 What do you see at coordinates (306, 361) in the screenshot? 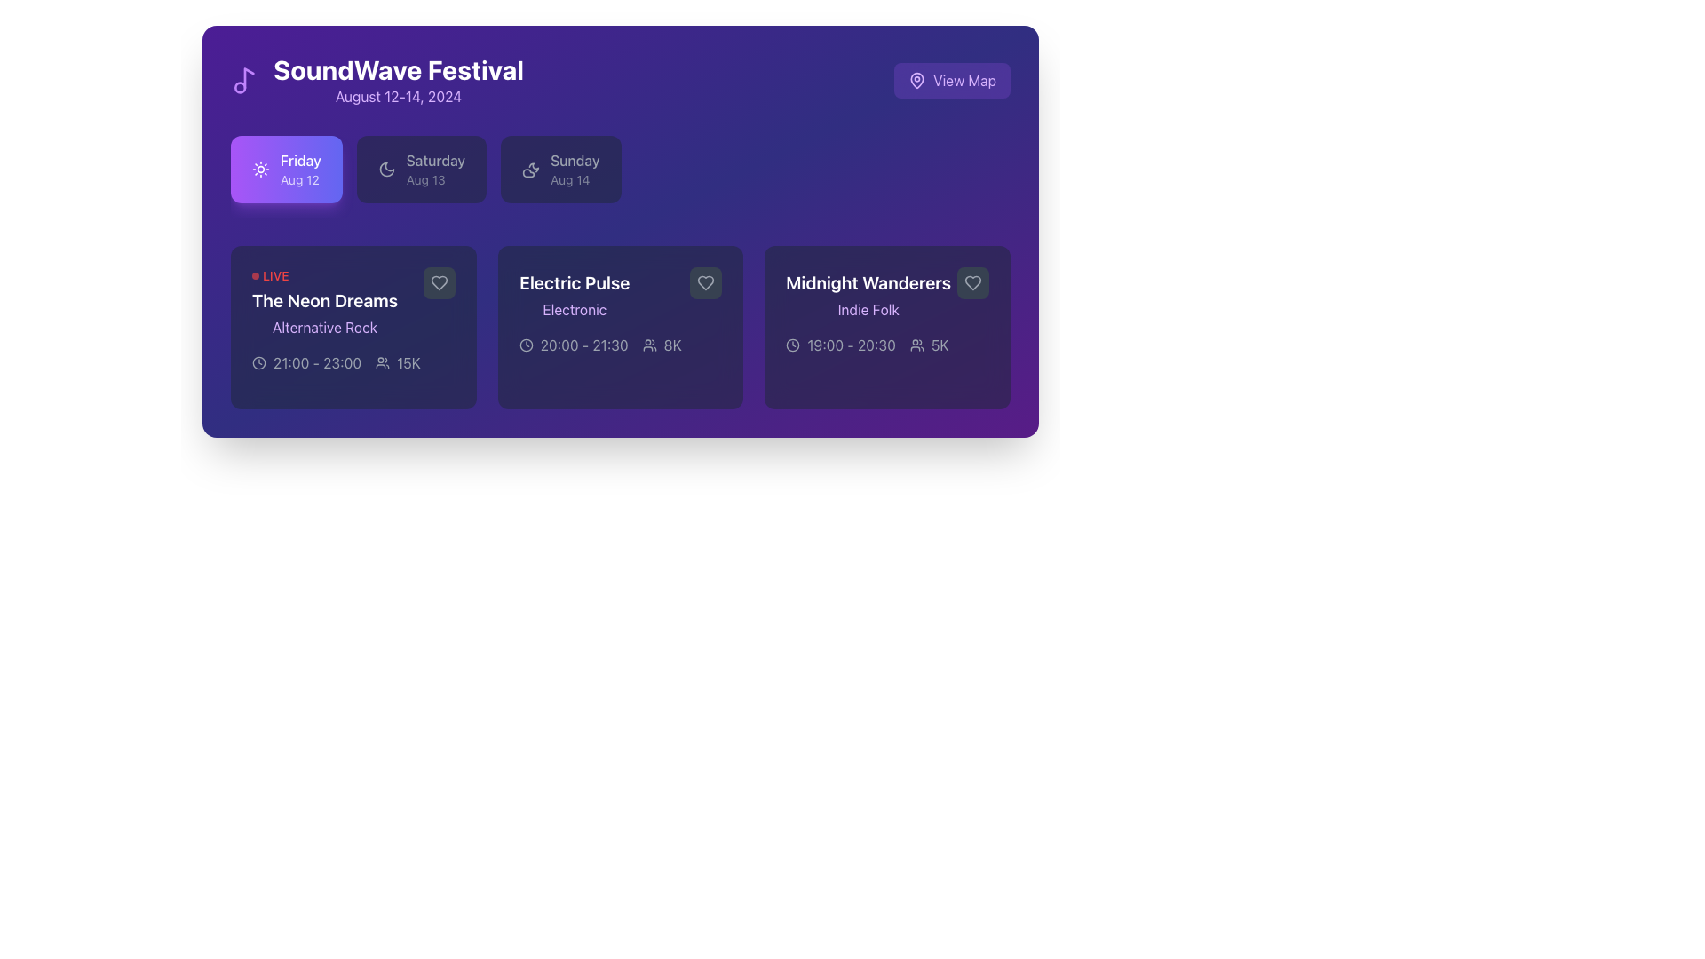
I see `the informational text displaying the time range '21:00 - 23:00' with a clock icon, located below the event title 'The Neon Dreams' and to the left of the attendee count '15K'` at bounding box center [306, 361].